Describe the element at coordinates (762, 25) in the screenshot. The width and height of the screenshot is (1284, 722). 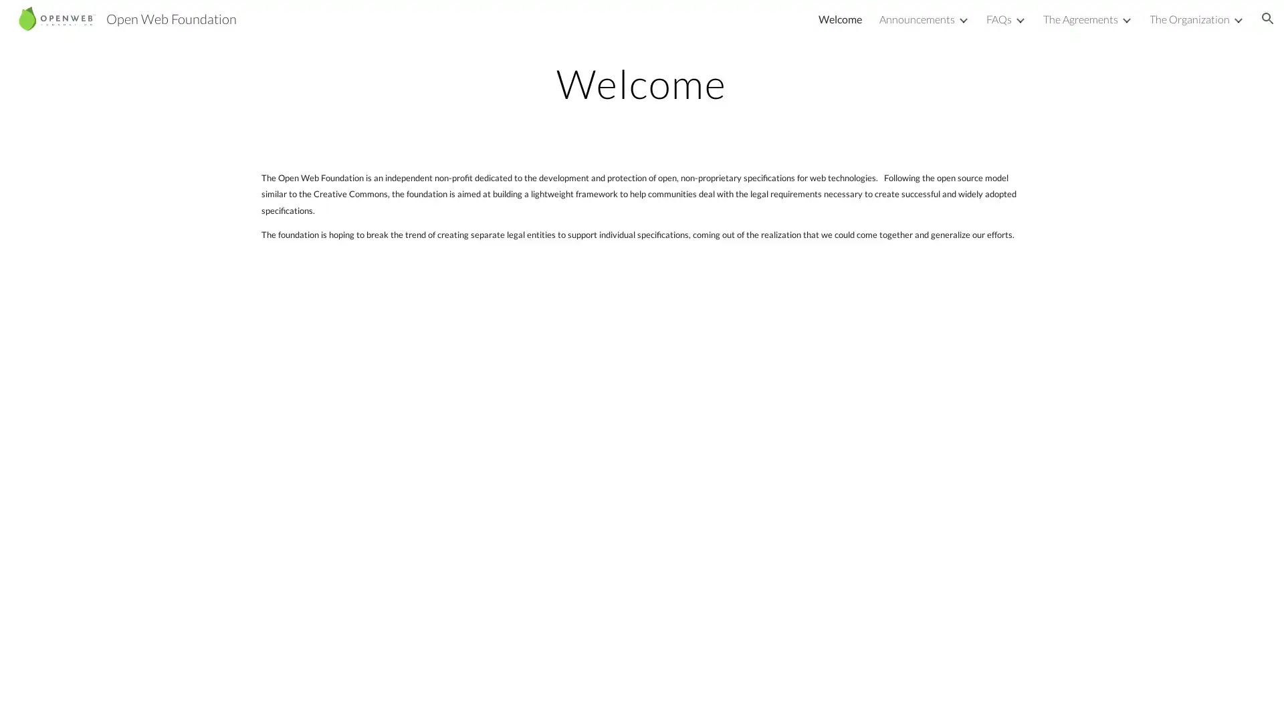
I see `Skip to navigation` at that location.